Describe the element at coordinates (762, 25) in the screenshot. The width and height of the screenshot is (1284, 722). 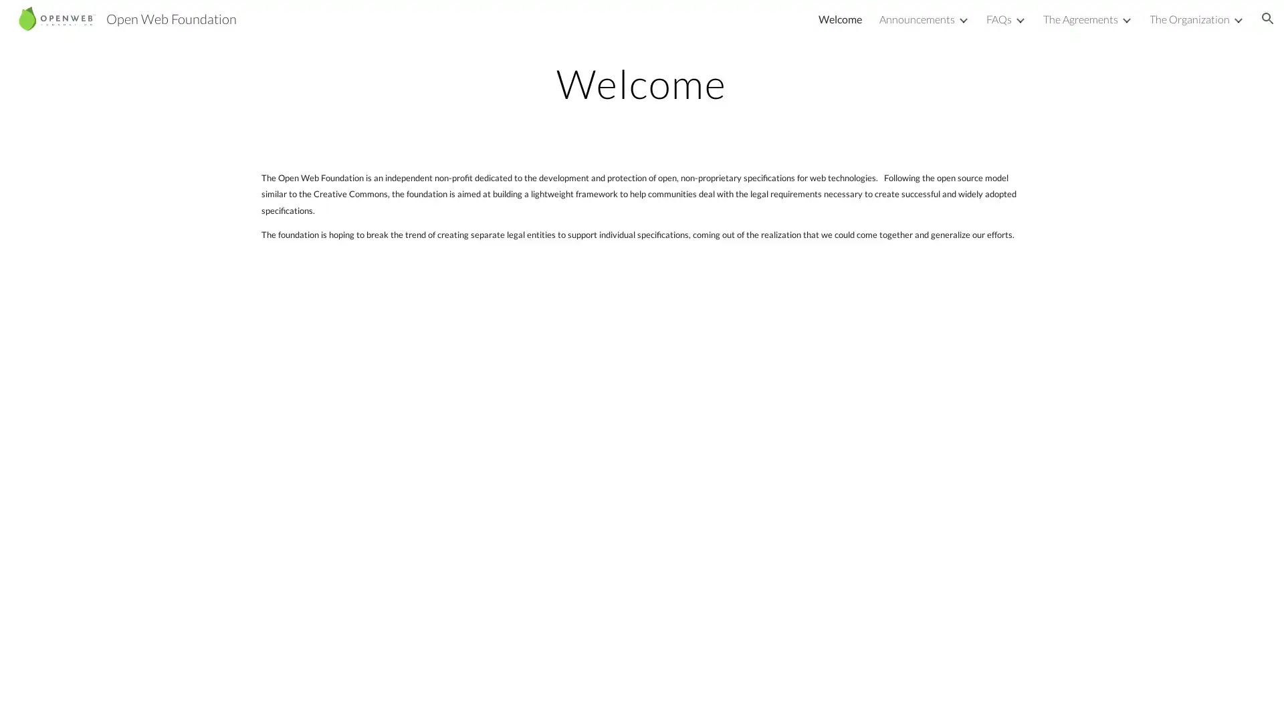
I see `Skip to navigation` at that location.